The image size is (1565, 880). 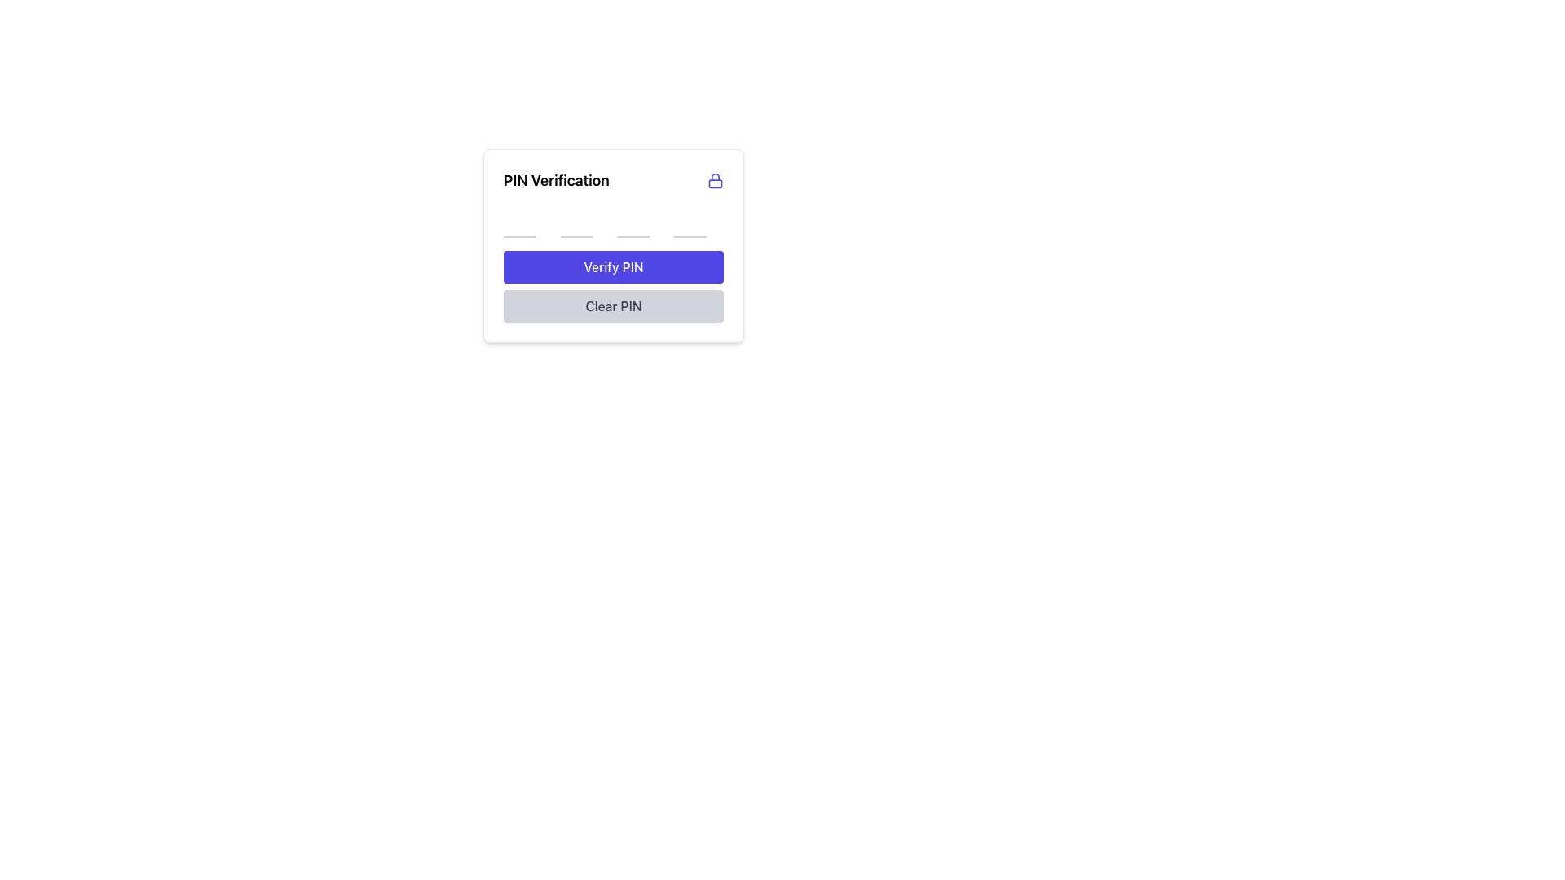 What do you see at coordinates (716, 181) in the screenshot?
I see `the lock icon located to the right of the 'PIN Verification' text, which has a rectangular body with rounded corners and a semi-circular top in indigo color` at bounding box center [716, 181].